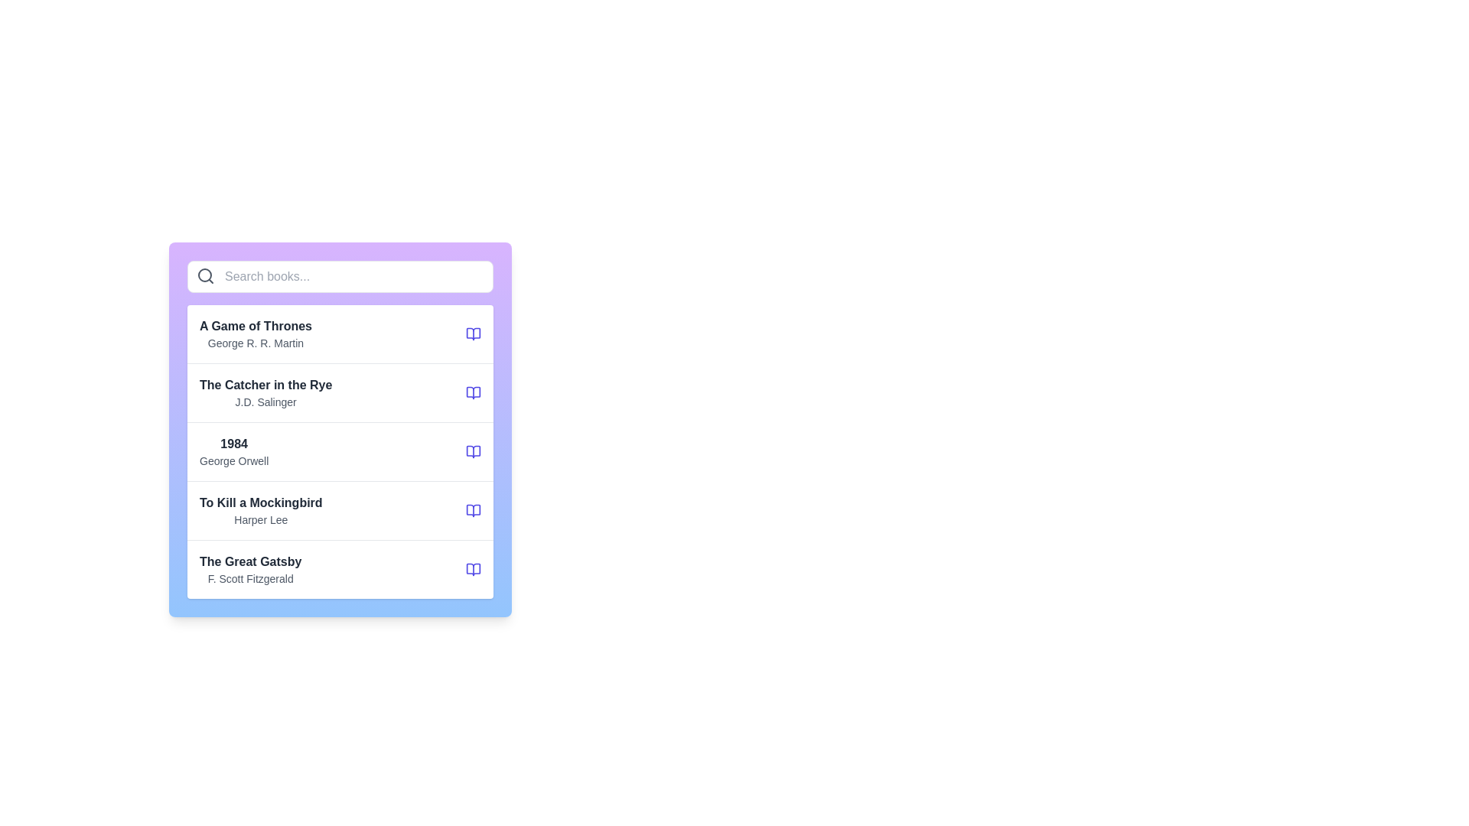 The height and width of the screenshot is (826, 1469). Describe the element at coordinates (340, 333) in the screenshot. I see `the first clickable list item representing 'A Game of Thrones' by George R. R. Martin` at that location.